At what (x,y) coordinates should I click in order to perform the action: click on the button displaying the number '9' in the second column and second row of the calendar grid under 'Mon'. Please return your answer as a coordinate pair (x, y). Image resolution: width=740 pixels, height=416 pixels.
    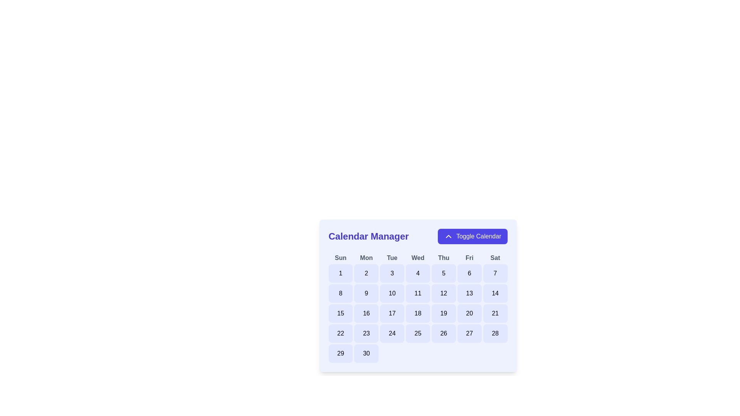
    Looking at the image, I should click on (366, 294).